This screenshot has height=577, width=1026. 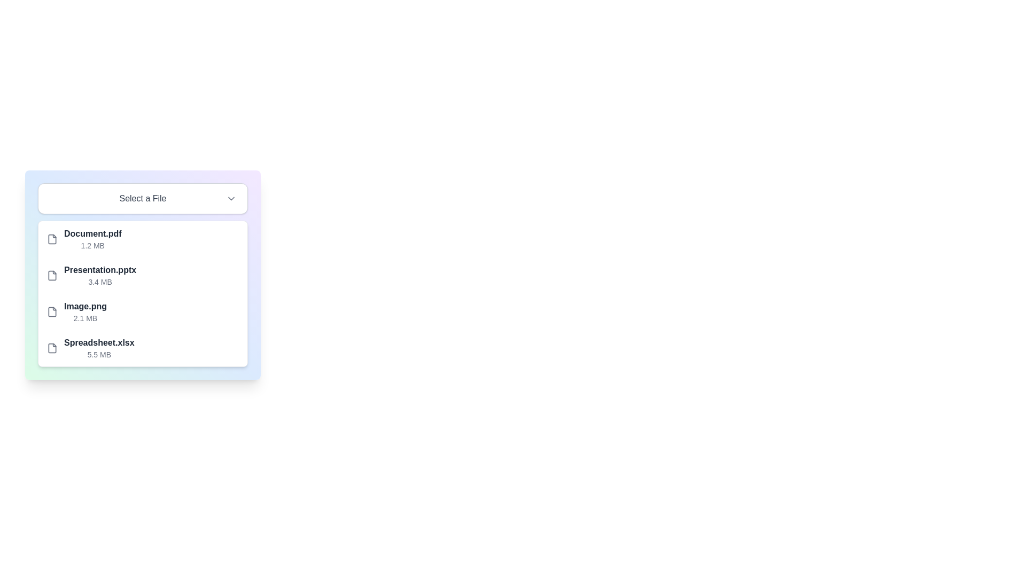 I want to click on the file, so click(x=92, y=233).